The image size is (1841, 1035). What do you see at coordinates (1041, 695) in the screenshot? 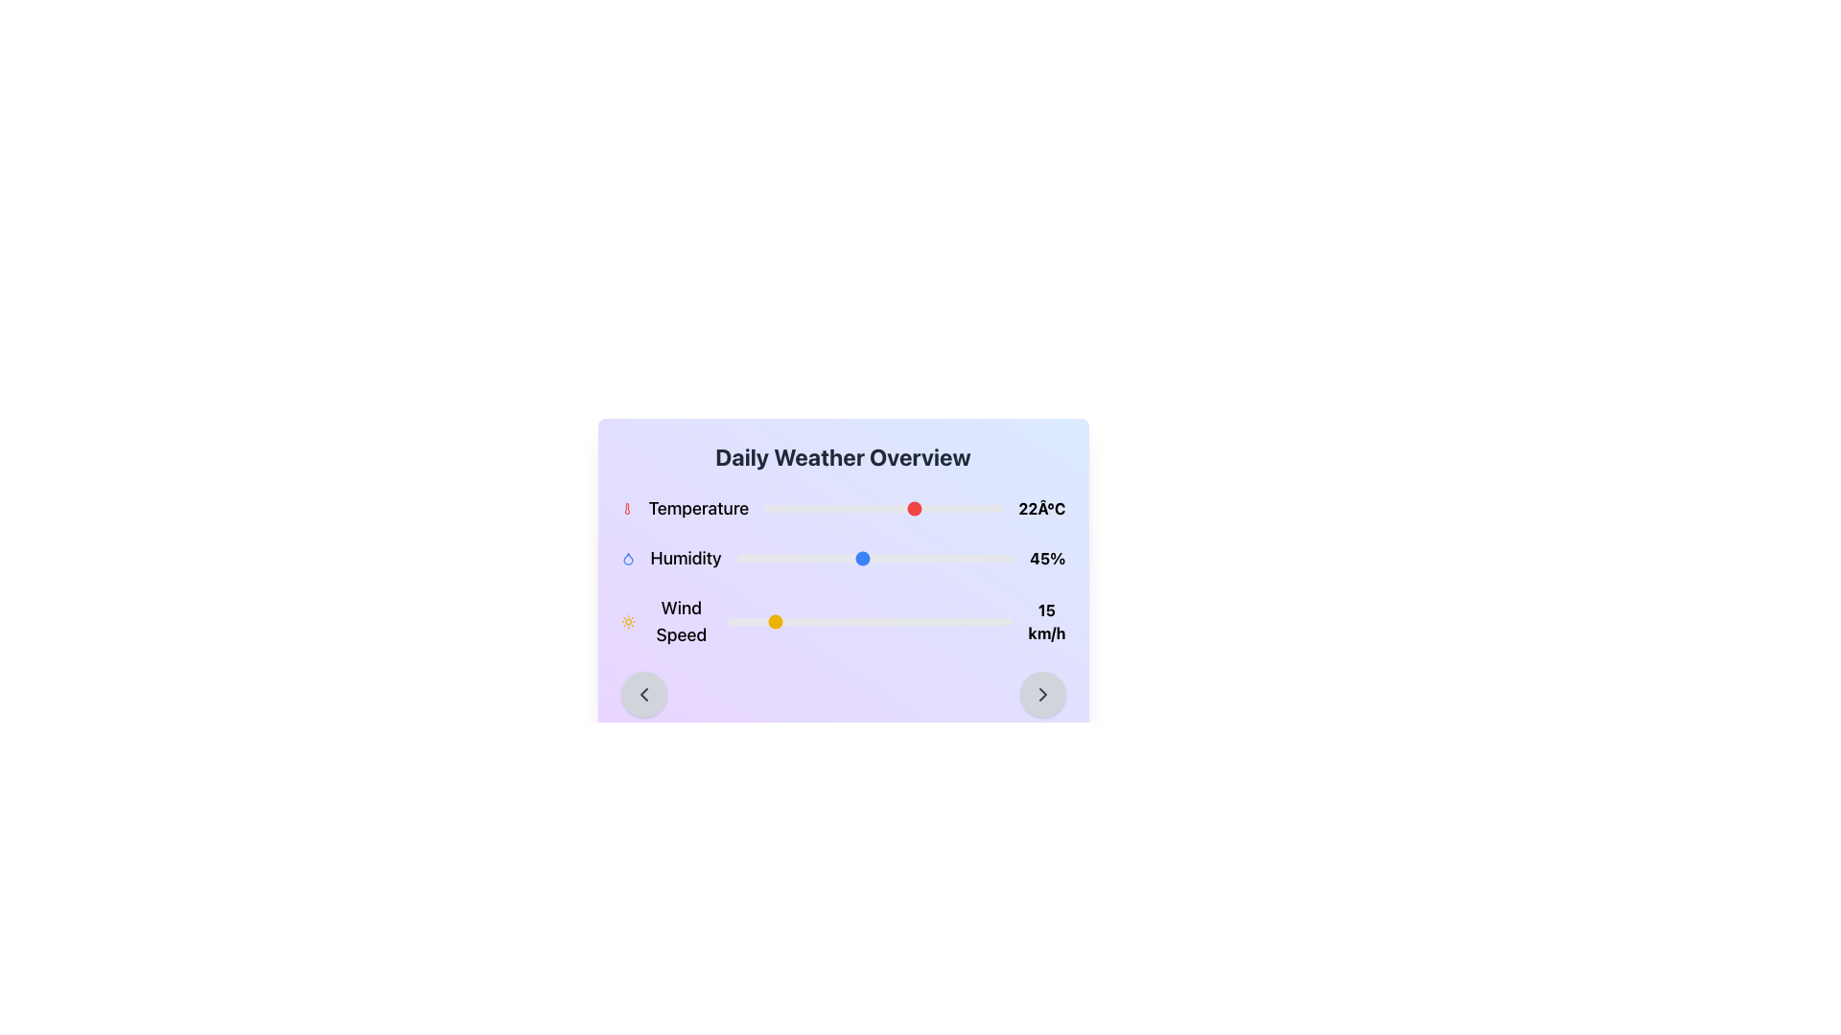
I see `the rightward-facing red arrow icon located in the bottom-right corner of the 'Daily Weather Overview' card` at bounding box center [1041, 695].